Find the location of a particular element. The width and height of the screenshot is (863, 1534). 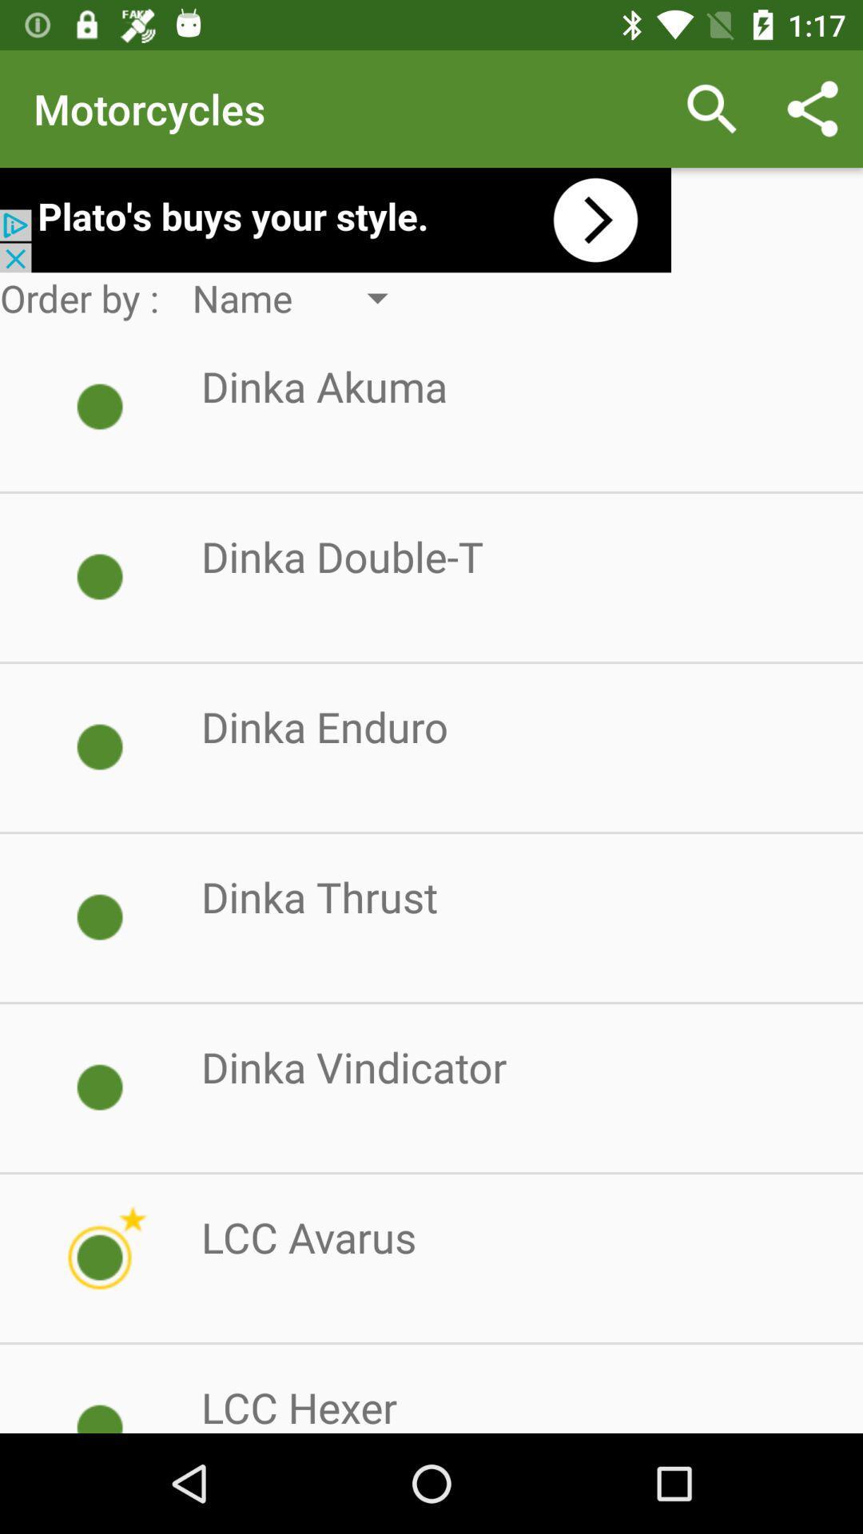

open an advertisements is located at coordinates (335, 219).